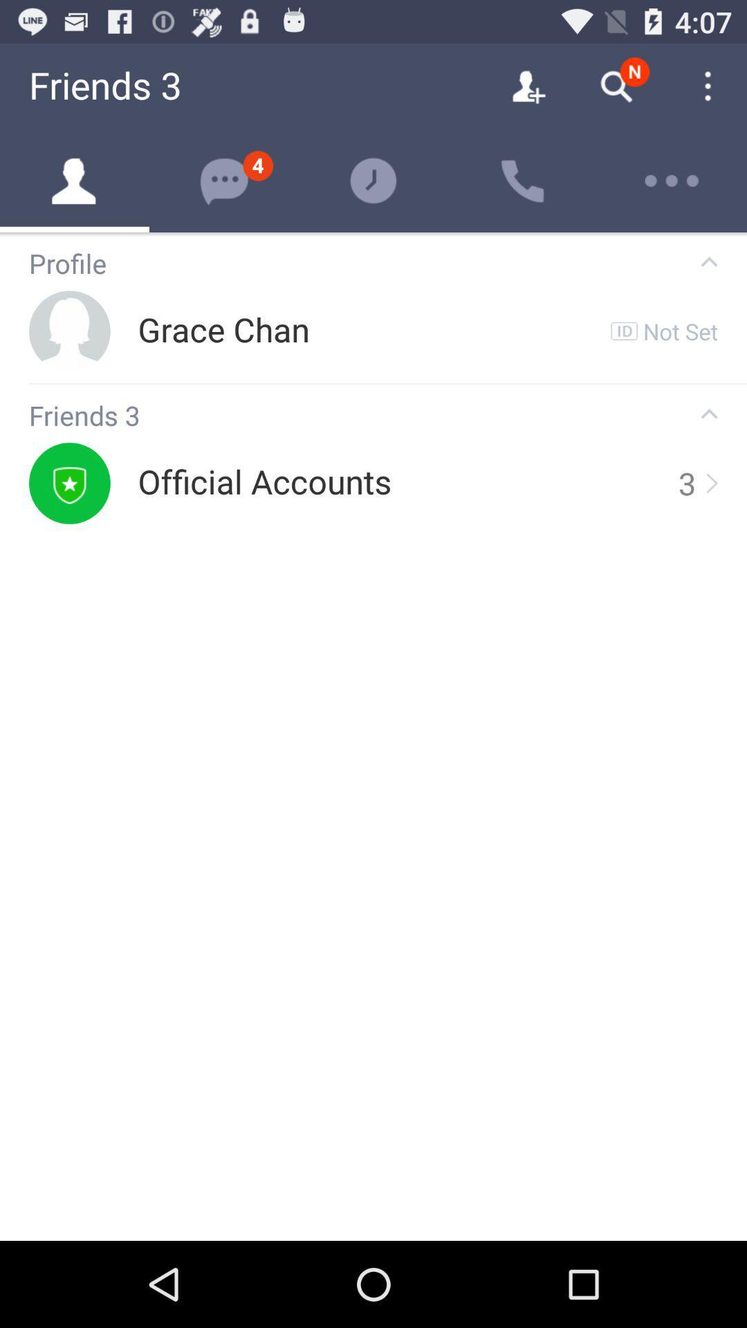 The width and height of the screenshot is (747, 1328). What do you see at coordinates (75, 181) in the screenshot?
I see `the avatar icon` at bounding box center [75, 181].